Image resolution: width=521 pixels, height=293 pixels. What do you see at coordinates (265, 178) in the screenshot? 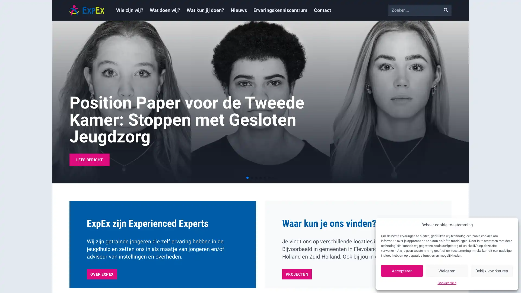
I see `Go to slide 5` at bounding box center [265, 178].